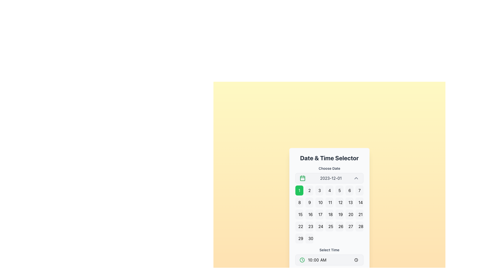  I want to click on the button styled as a rounded rectangle with a centered numeral '9', so click(309, 202).